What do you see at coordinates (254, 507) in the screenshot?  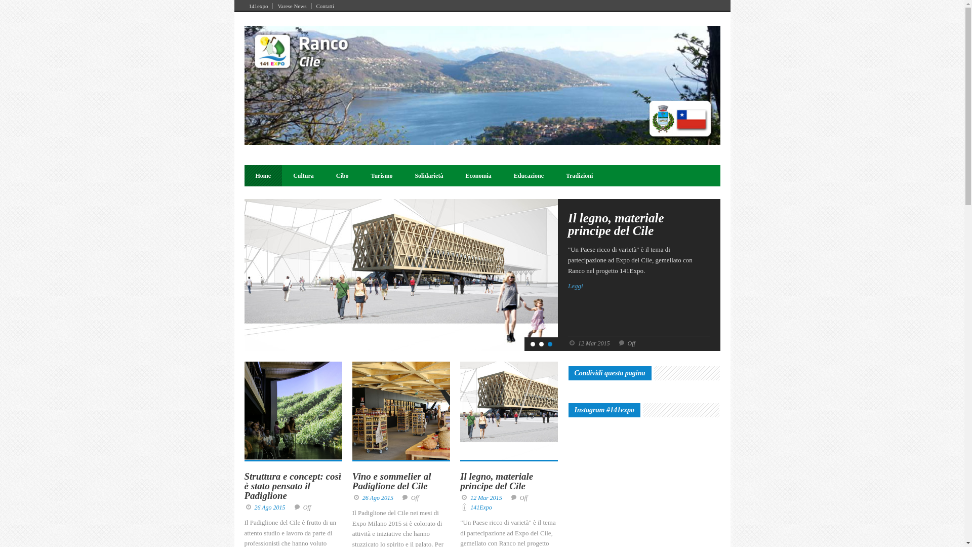 I see `'26 Ago 2015'` at bounding box center [254, 507].